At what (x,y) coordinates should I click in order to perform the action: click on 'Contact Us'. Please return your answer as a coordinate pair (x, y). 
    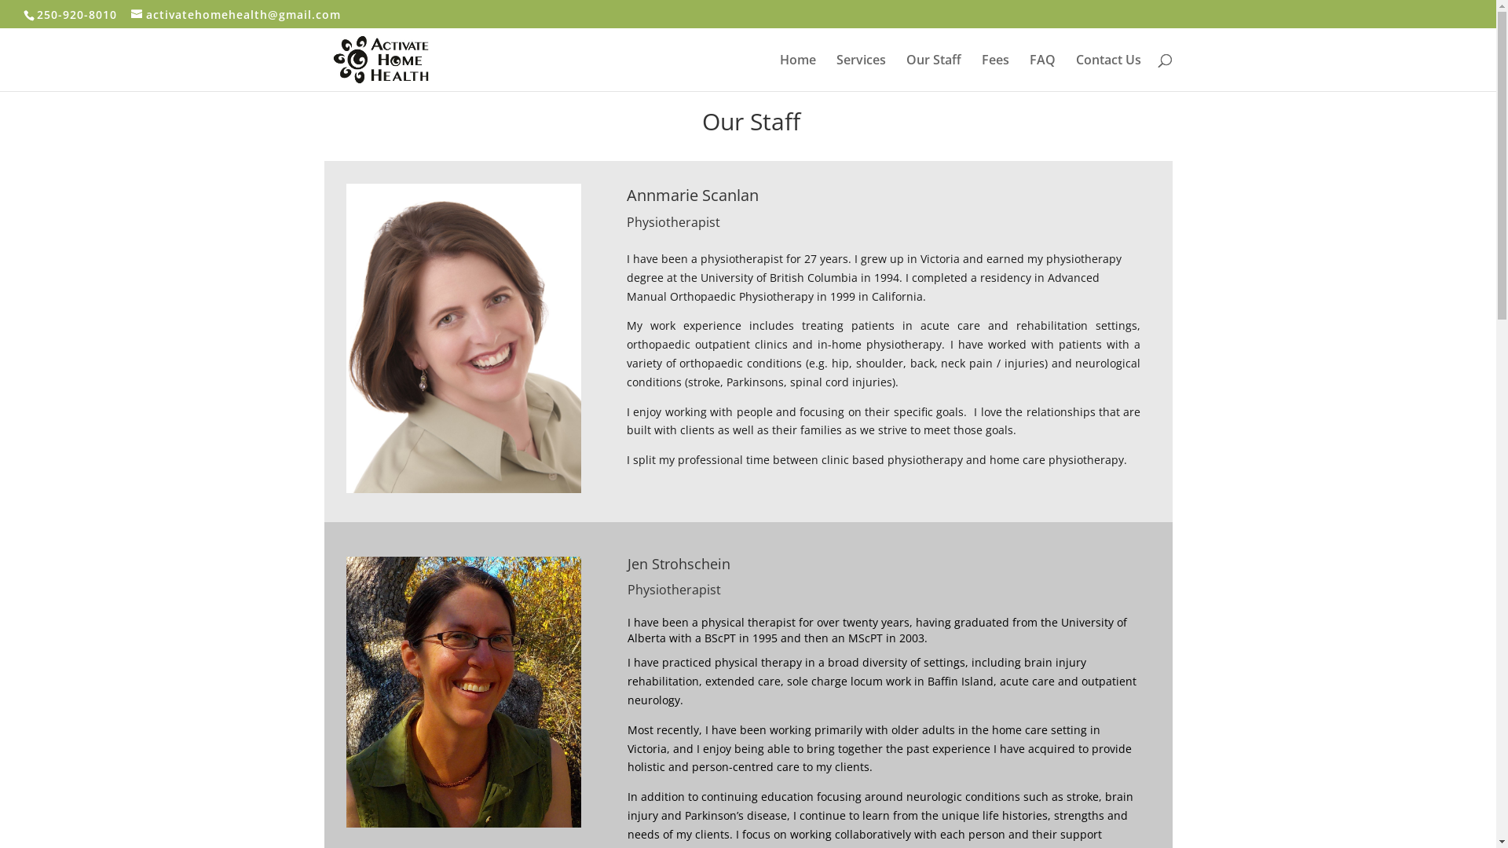
    Looking at the image, I should click on (1074, 72).